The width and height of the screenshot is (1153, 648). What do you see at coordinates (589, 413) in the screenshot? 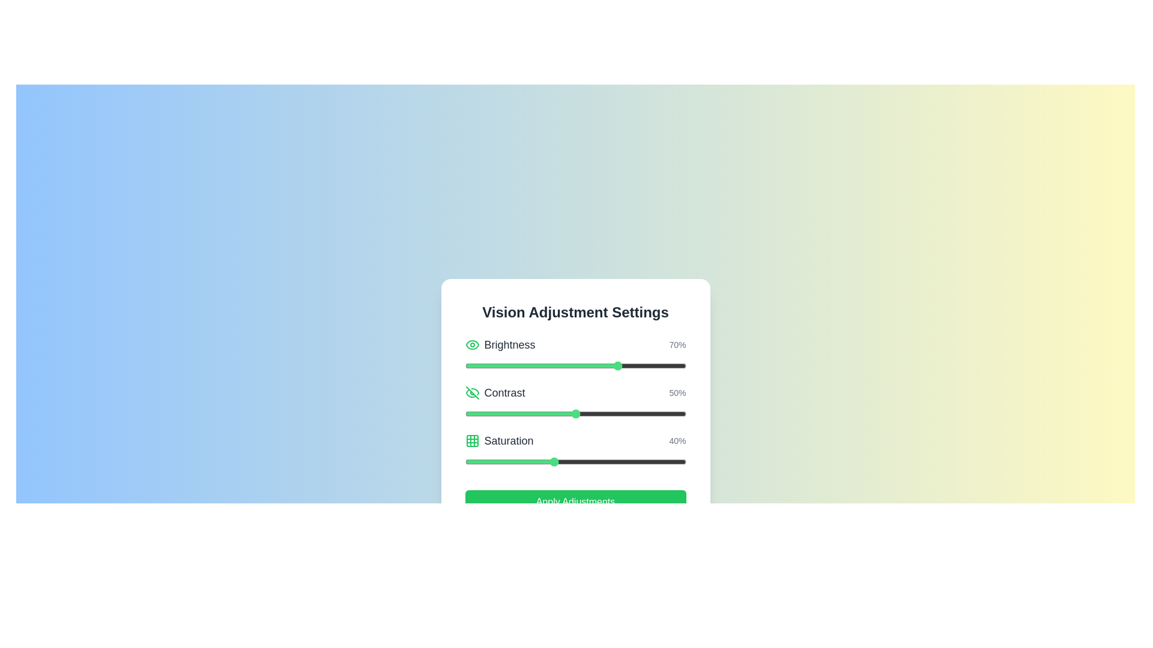
I see `the contrast slider to set the contrast to 56%` at bounding box center [589, 413].